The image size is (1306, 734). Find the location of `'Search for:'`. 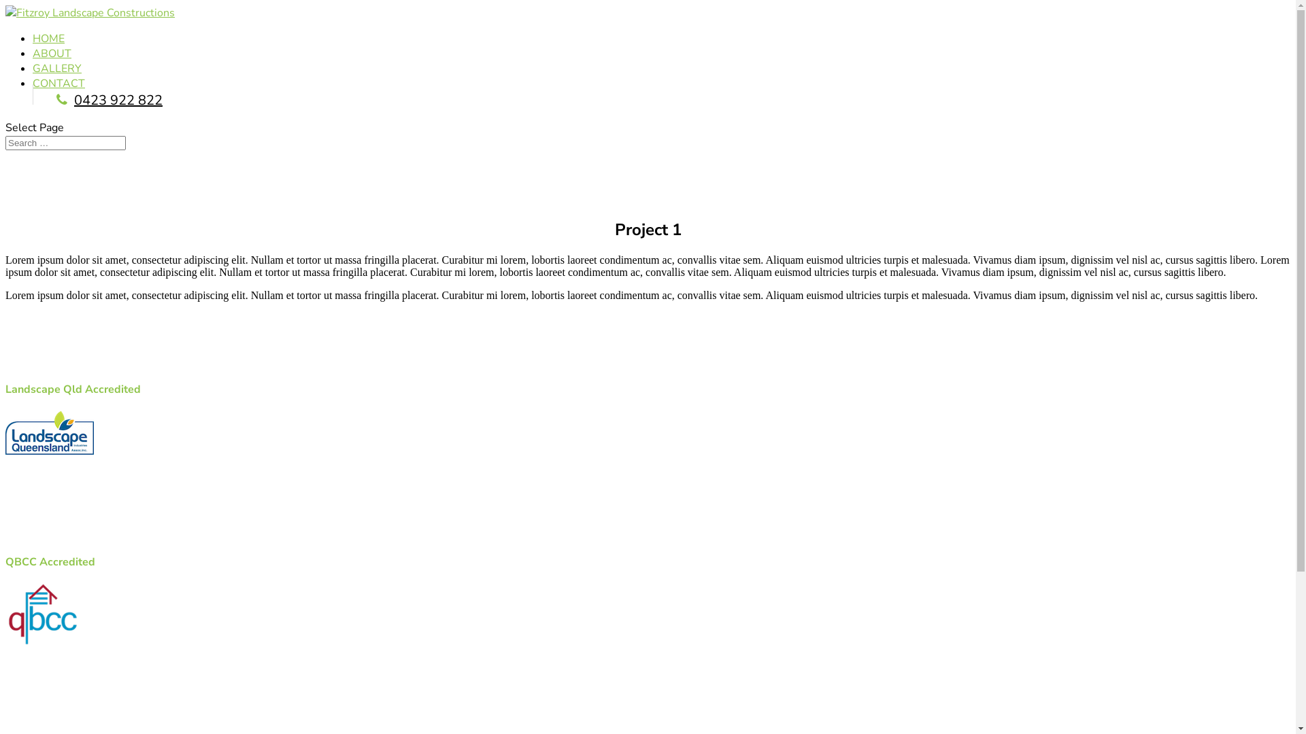

'Search for:' is located at coordinates (65, 143).